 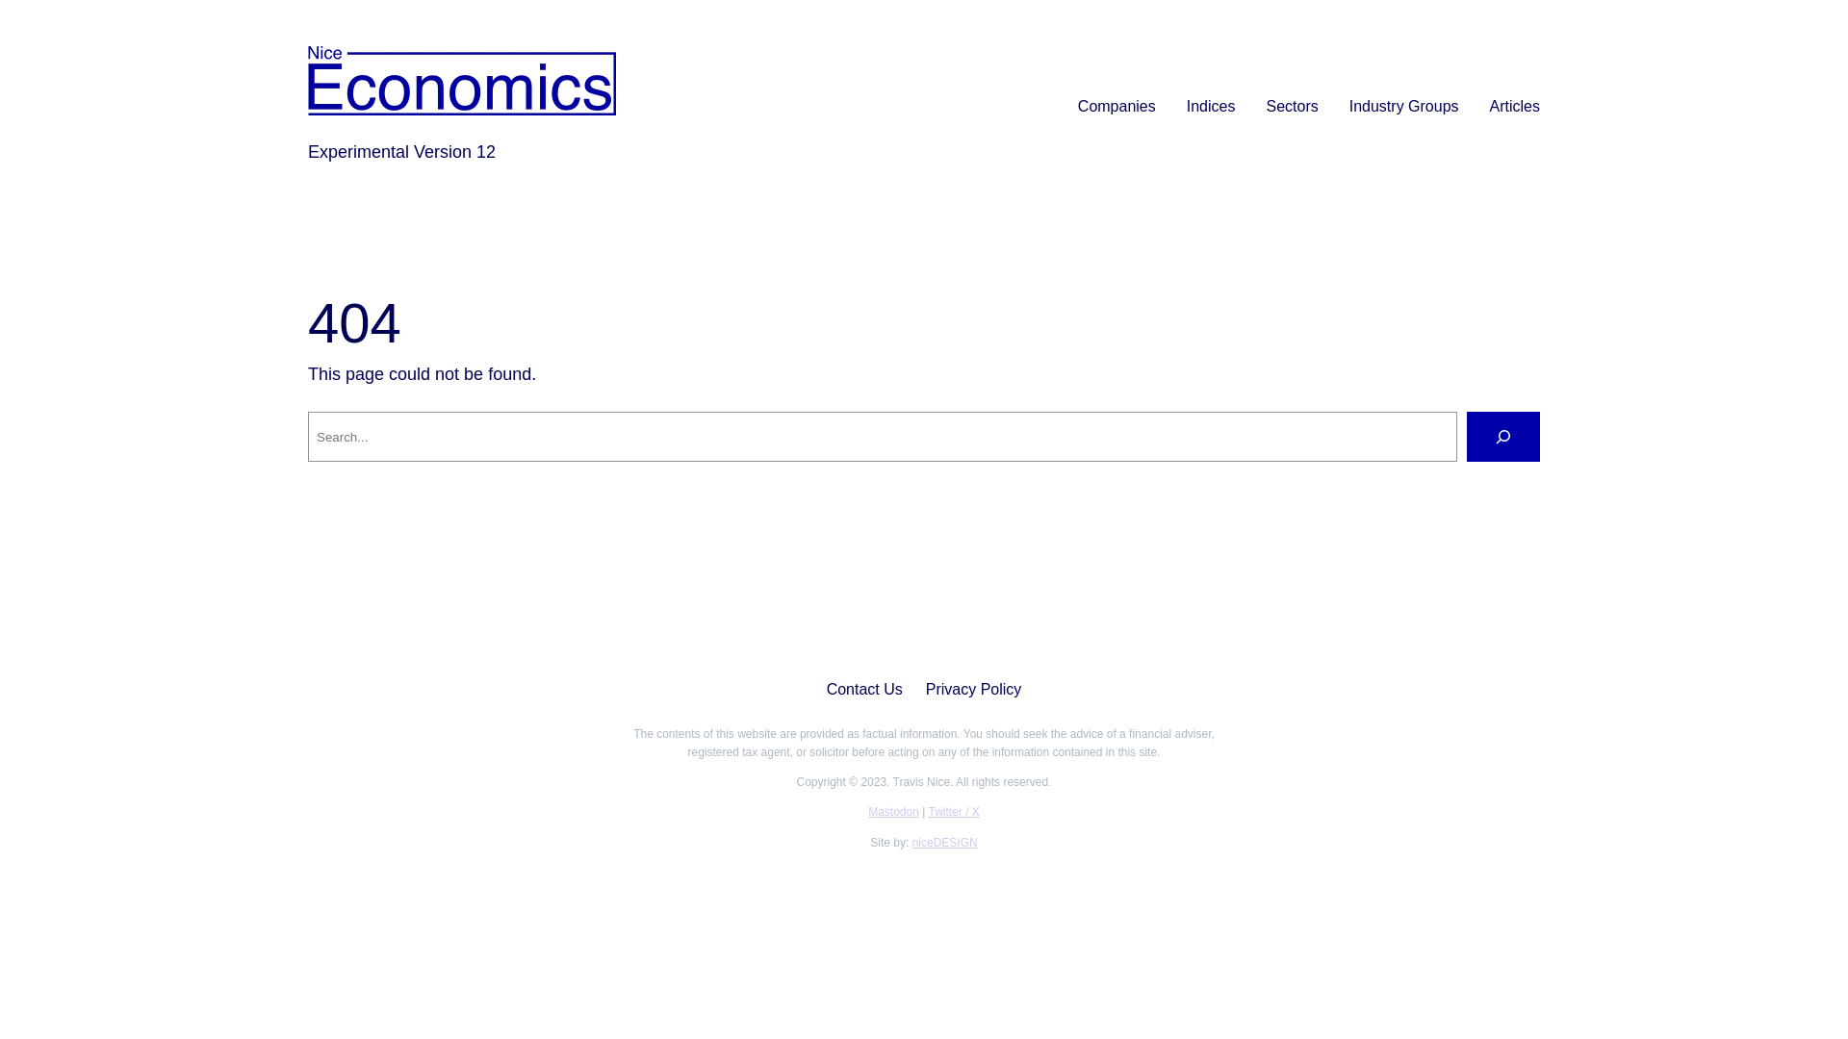 I want to click on 'Indices', so click(x=1210, y=107).